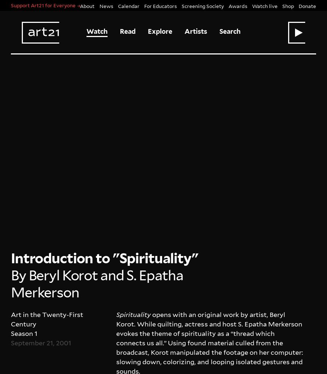 The width and height of the screenshot is (327, 374). I want to click on 'Television series on PBS', so click(148, 361).